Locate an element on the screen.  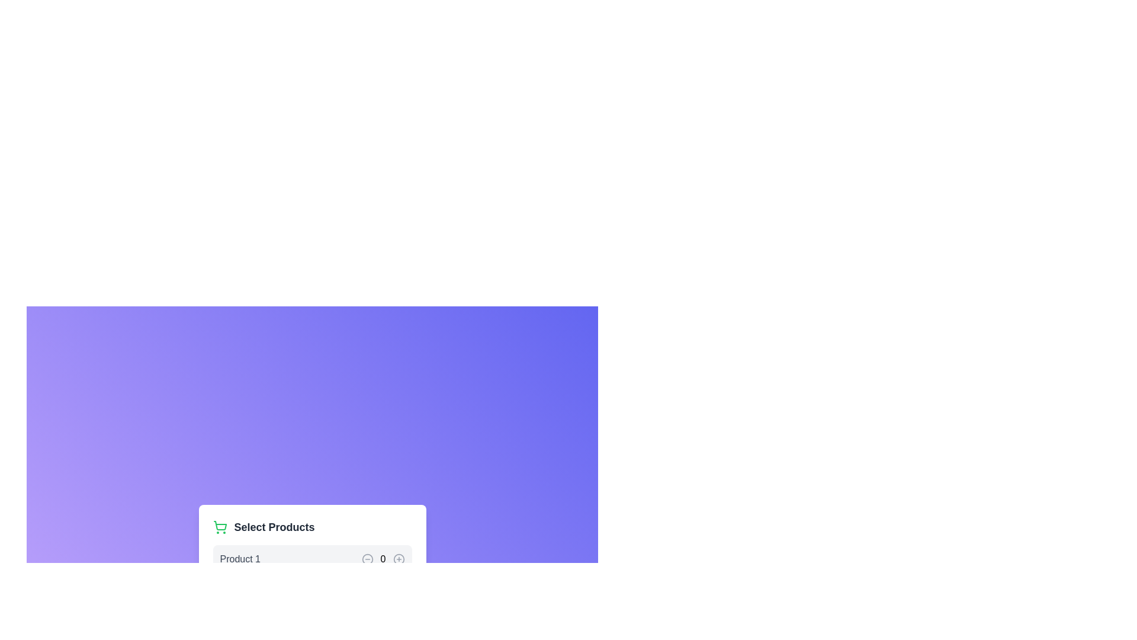
the increase button in the first product selection row, which has the product title 'Product 10' and interactive elements for quantity adjustment is located at coordinates (312, 559).